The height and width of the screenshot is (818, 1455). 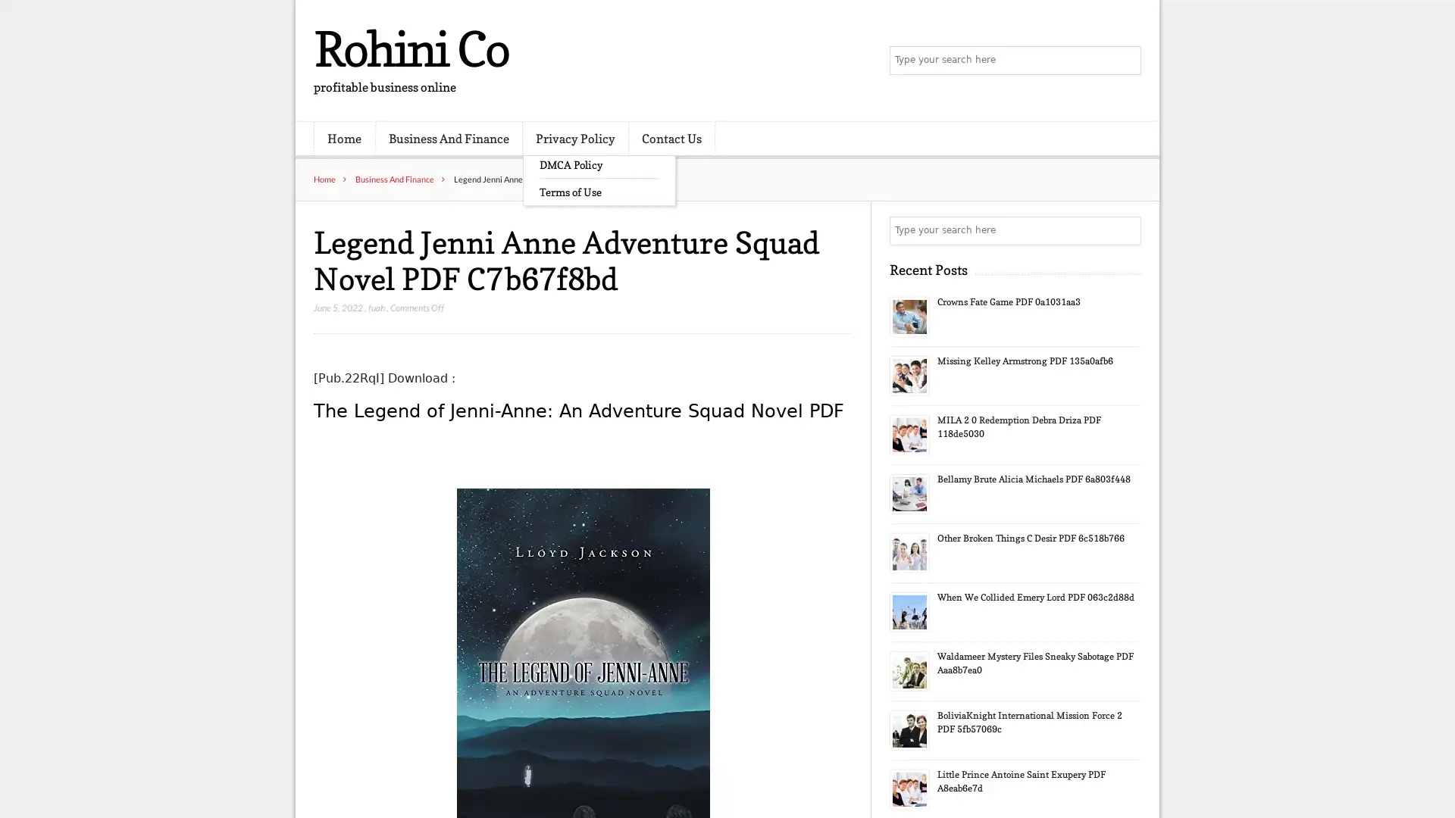 What do you see at coordinates (1125, 61) in the screenshot?
I see `Search` at bounding box center [1125, 61].